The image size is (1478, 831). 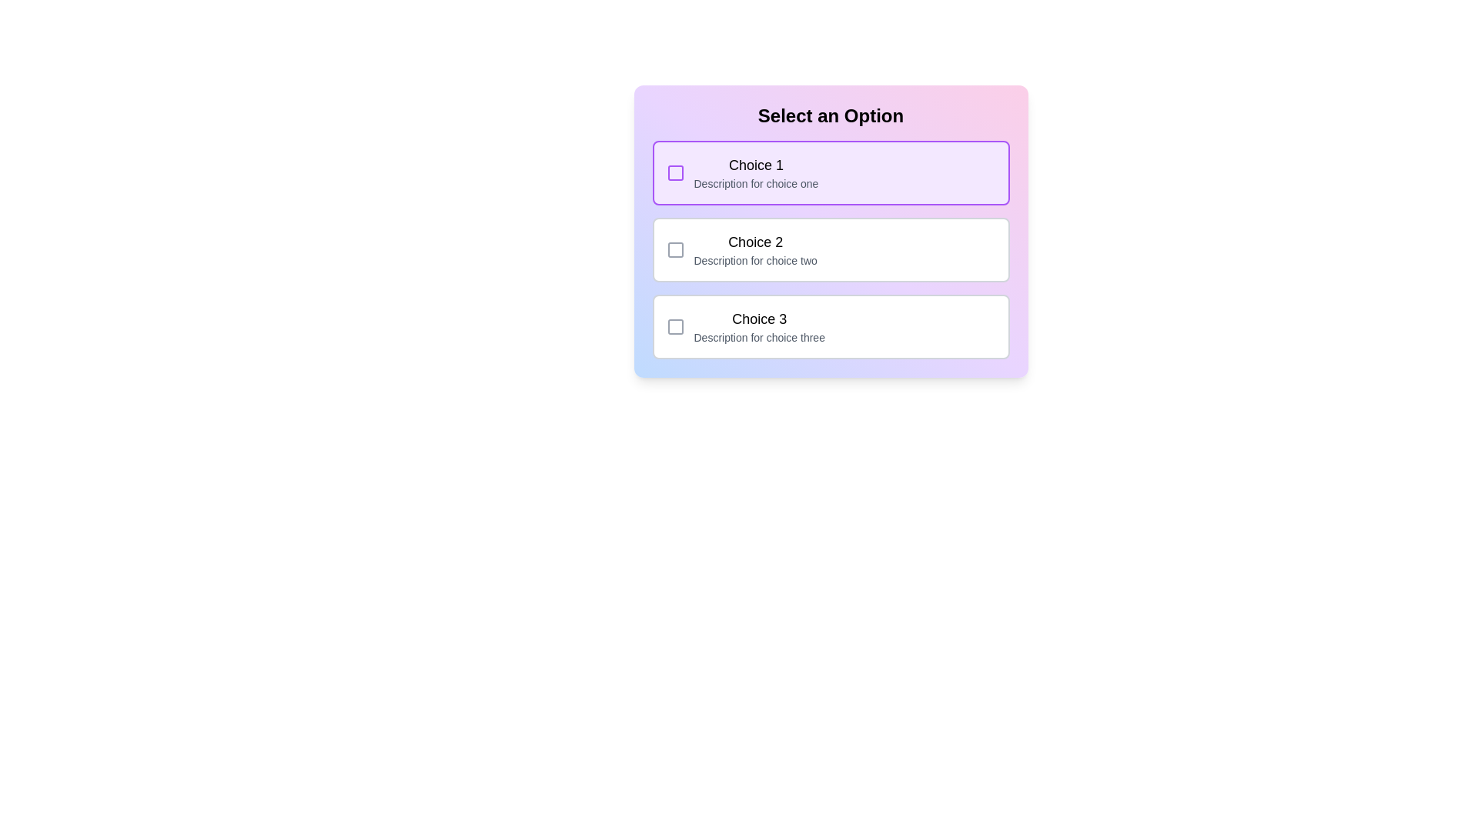 I want to click on the Text Label element displaying 'Choice 2', which is styled with a larger and bolder font and is positioned in the middle section of the Options panel, so click(x=755, y=242).